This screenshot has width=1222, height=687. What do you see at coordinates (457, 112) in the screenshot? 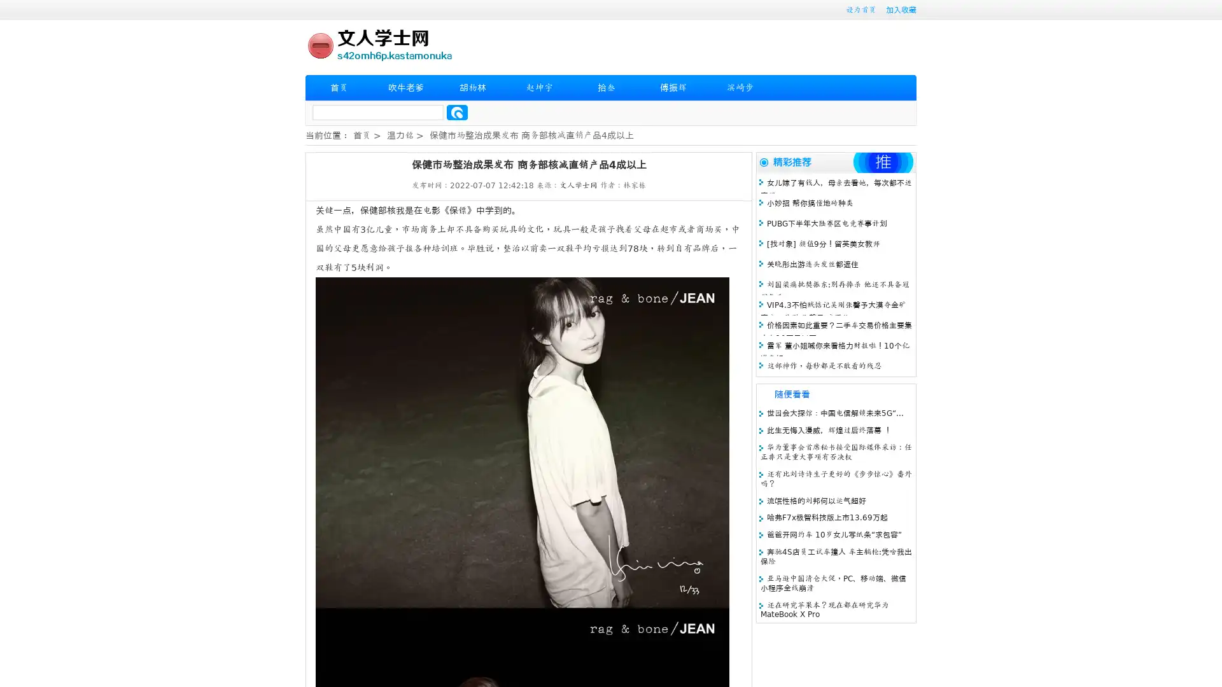
I see `Search` at bounding box center [457, 112].